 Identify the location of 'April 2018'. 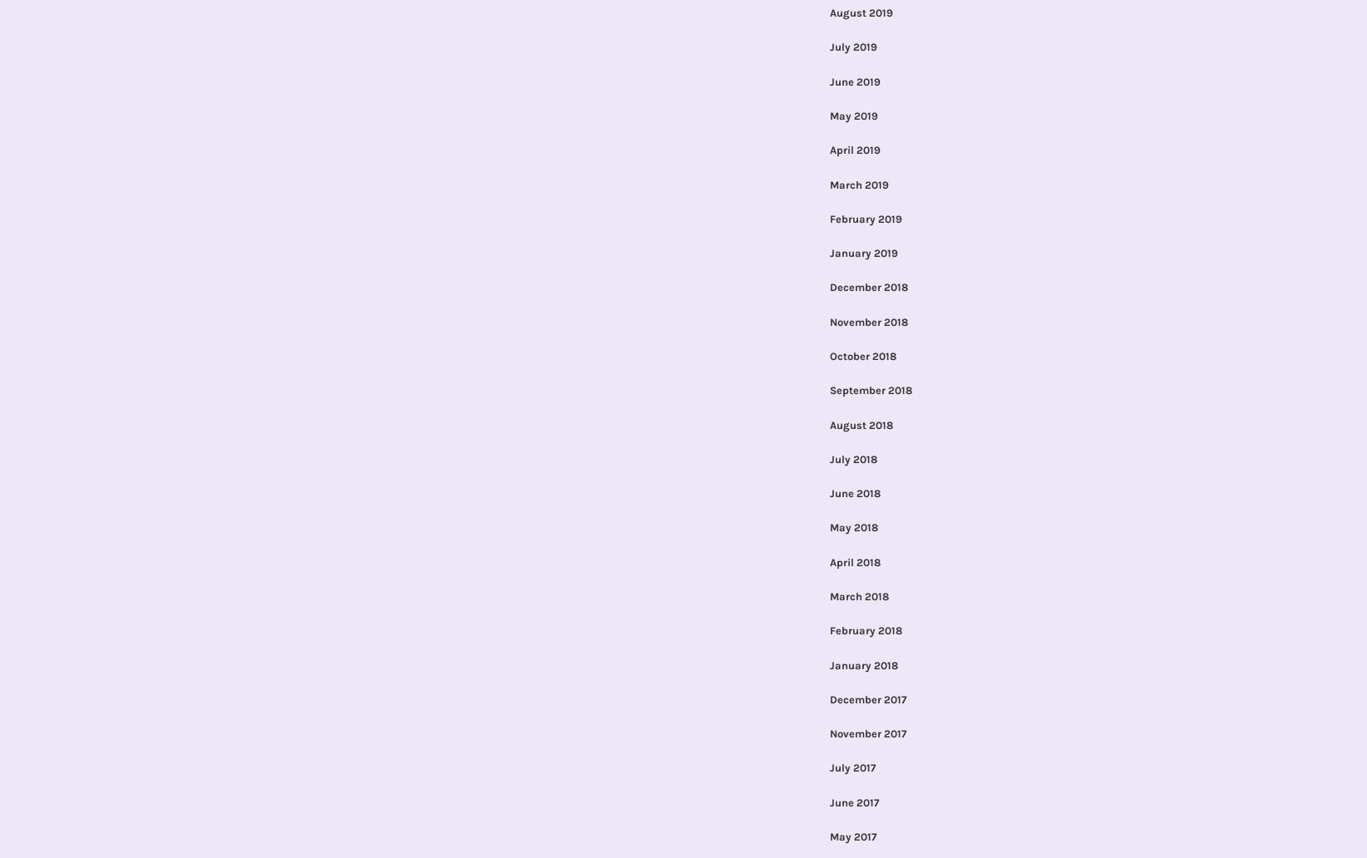
(853, 560).